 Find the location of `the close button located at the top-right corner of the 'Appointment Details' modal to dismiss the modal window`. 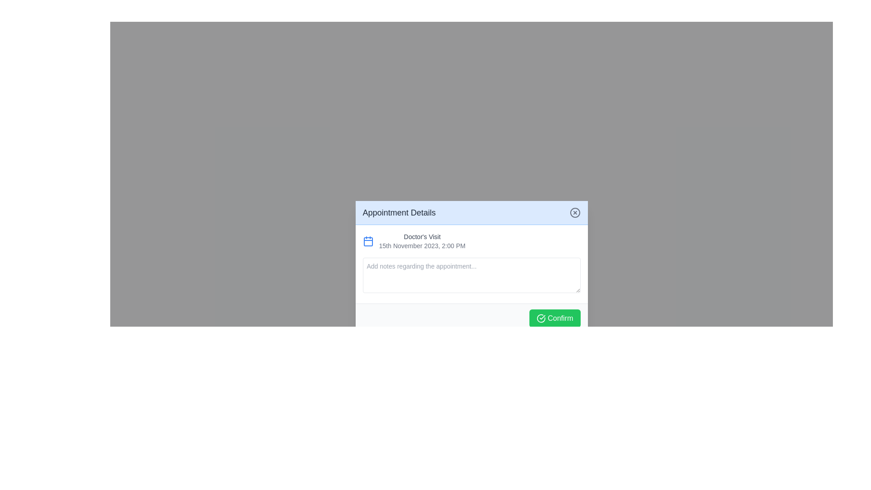

the close button located at the top-right corner of the 'Appointment Details' modal to dismiss the modal window is located at coordinates (574, 212).